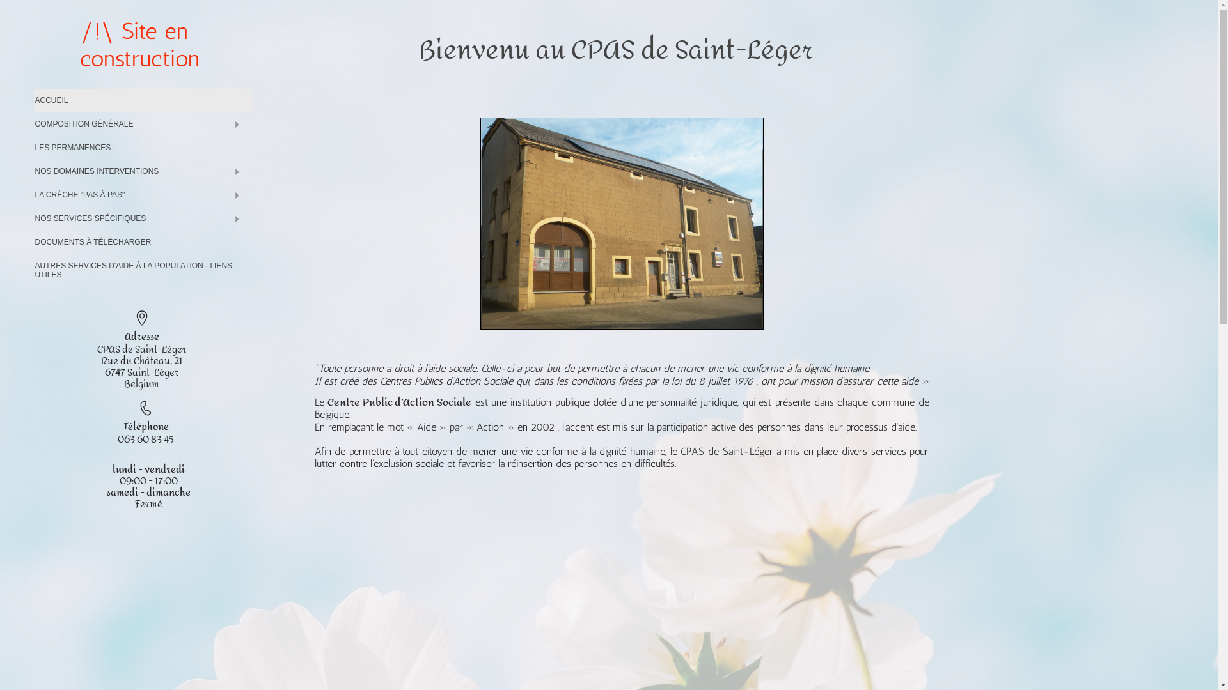 The image size is (1228, 690). I want to click on 'ACCUEIL', so click(143, 100).